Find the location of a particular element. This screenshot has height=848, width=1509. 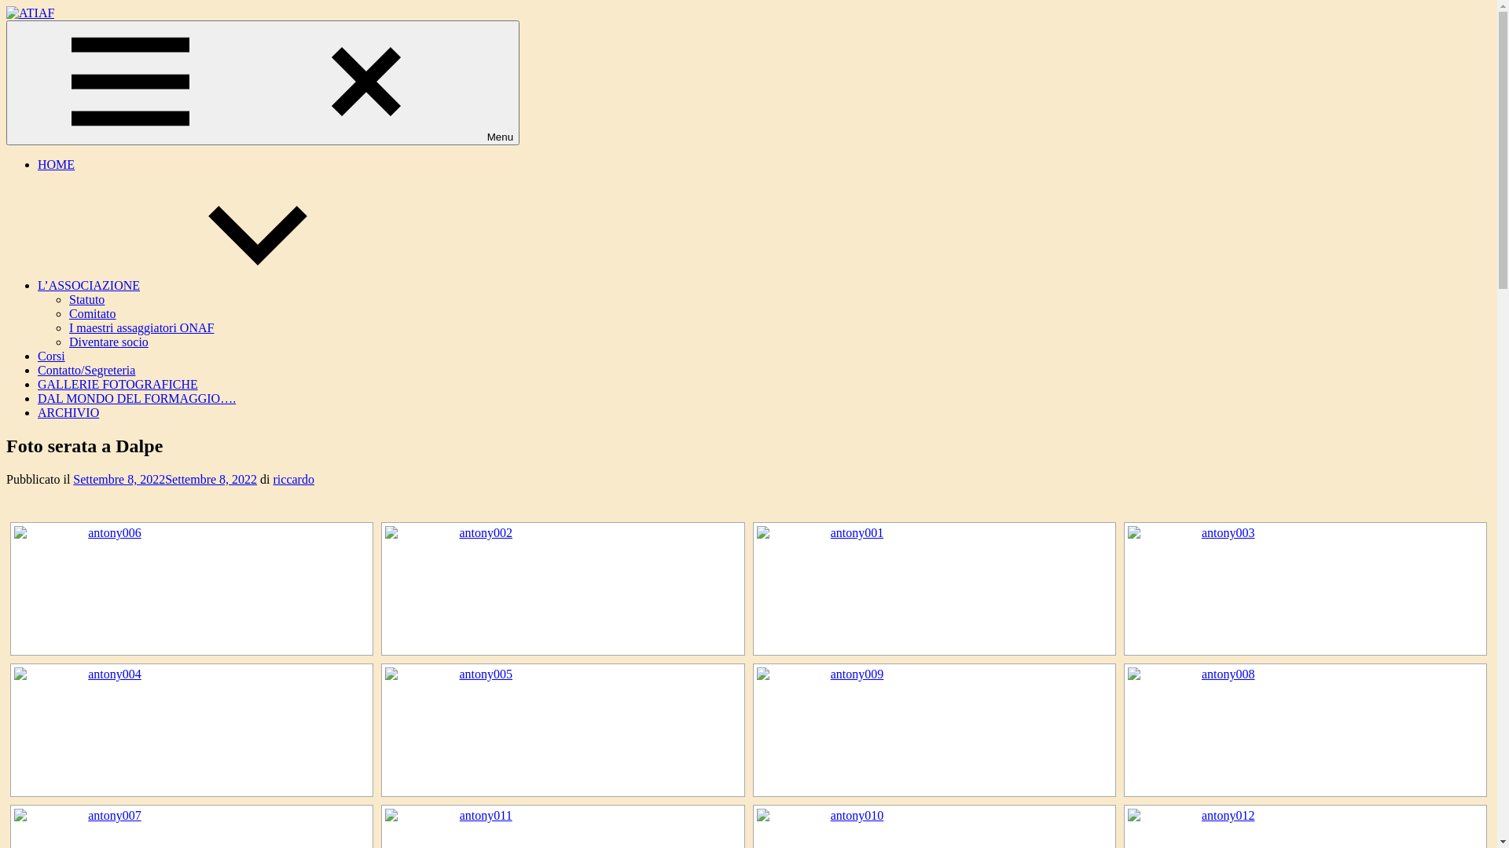

'riccardo' is located at coordinates (294, 478).